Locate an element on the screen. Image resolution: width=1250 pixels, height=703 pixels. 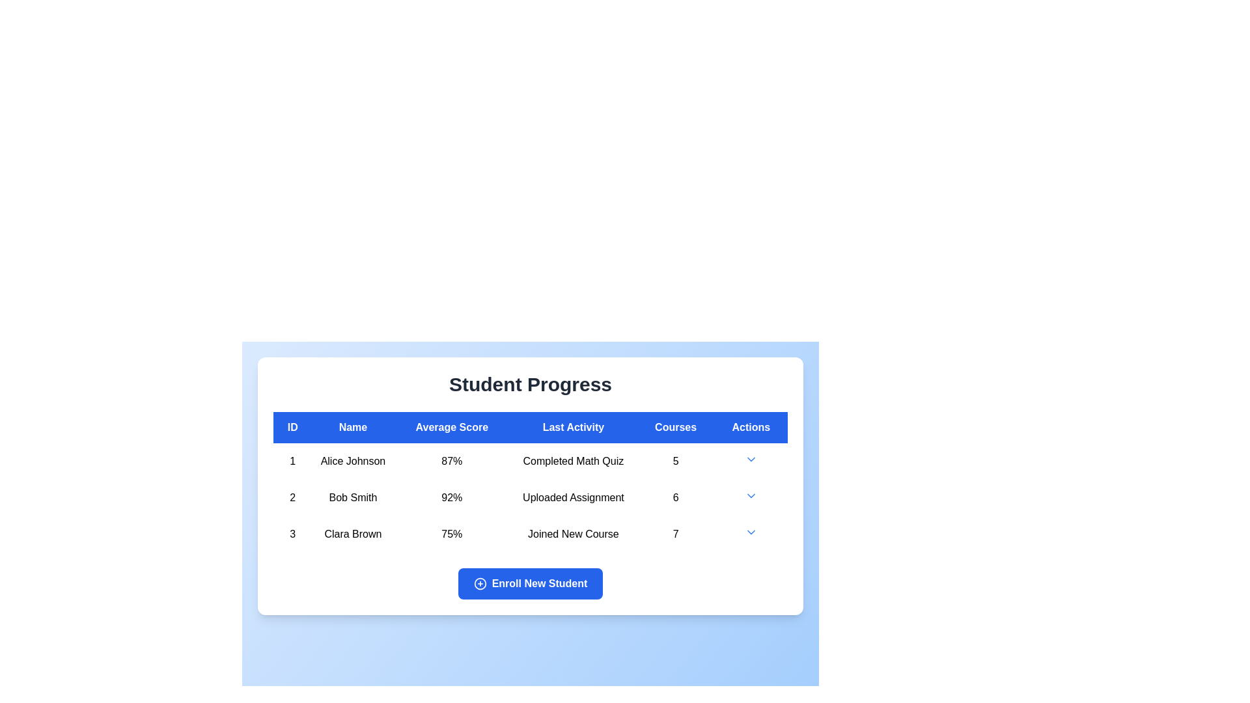
the 'Average Score' text label, which is the third column header in a table, displayed in white font on a blue background is located at coordinates (452, 427).